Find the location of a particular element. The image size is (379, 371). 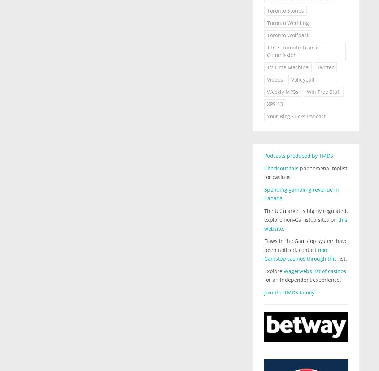

'XPS 13' is located at coordinates (275, 104).